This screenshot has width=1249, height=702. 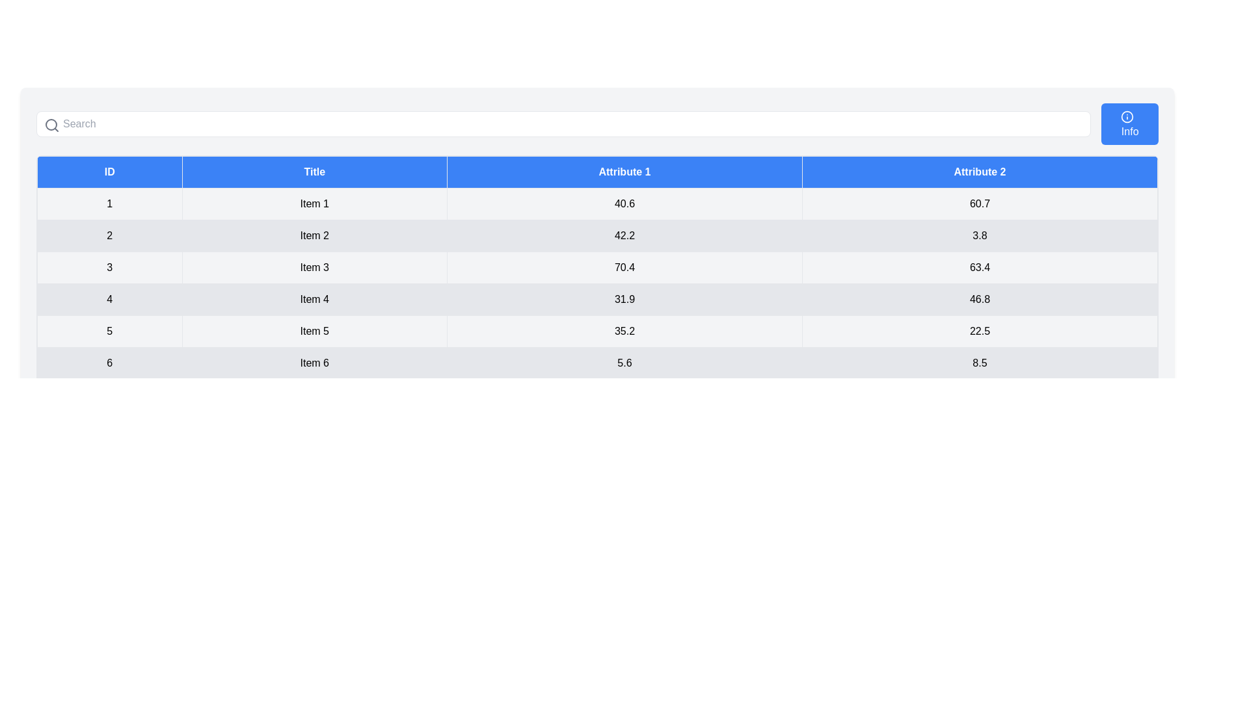 What do you see at coordinates (597, 300) in the screenshot?
I see `the row corresponding to the ID 4 in the table` at bounding box center [597, 300].